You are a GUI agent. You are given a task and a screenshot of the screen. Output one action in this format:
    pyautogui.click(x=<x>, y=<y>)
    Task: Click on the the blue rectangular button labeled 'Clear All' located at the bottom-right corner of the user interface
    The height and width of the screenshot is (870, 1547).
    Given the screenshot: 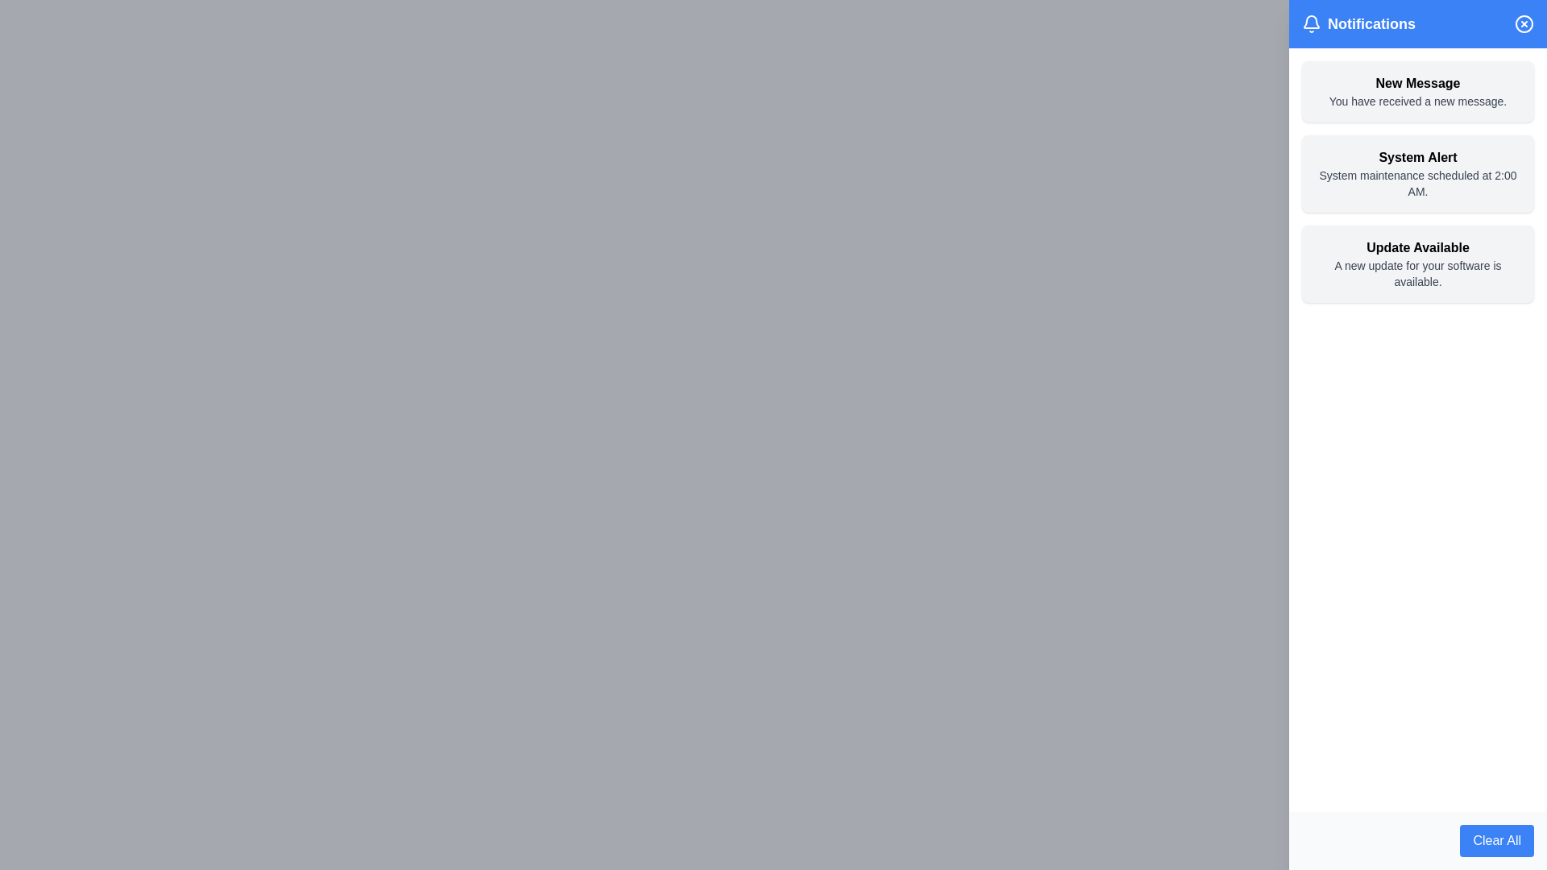 What is the action you would take?
    pyautogui.click(x=1496, y=840)
    